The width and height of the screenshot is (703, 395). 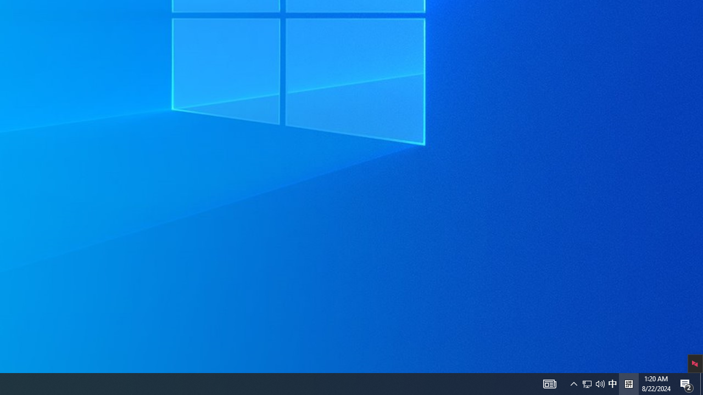 I want to click on 'Show desktop', so click(x=687, y=383).